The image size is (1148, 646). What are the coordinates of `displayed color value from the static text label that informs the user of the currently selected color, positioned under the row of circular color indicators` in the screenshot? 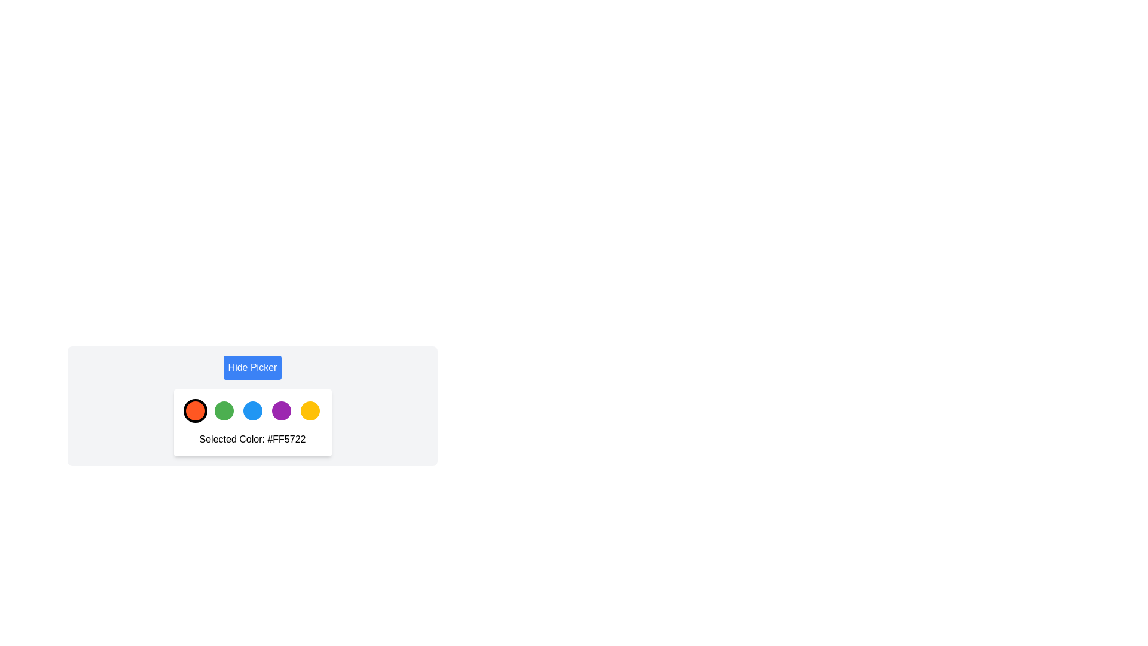 It's located at (252, 440).